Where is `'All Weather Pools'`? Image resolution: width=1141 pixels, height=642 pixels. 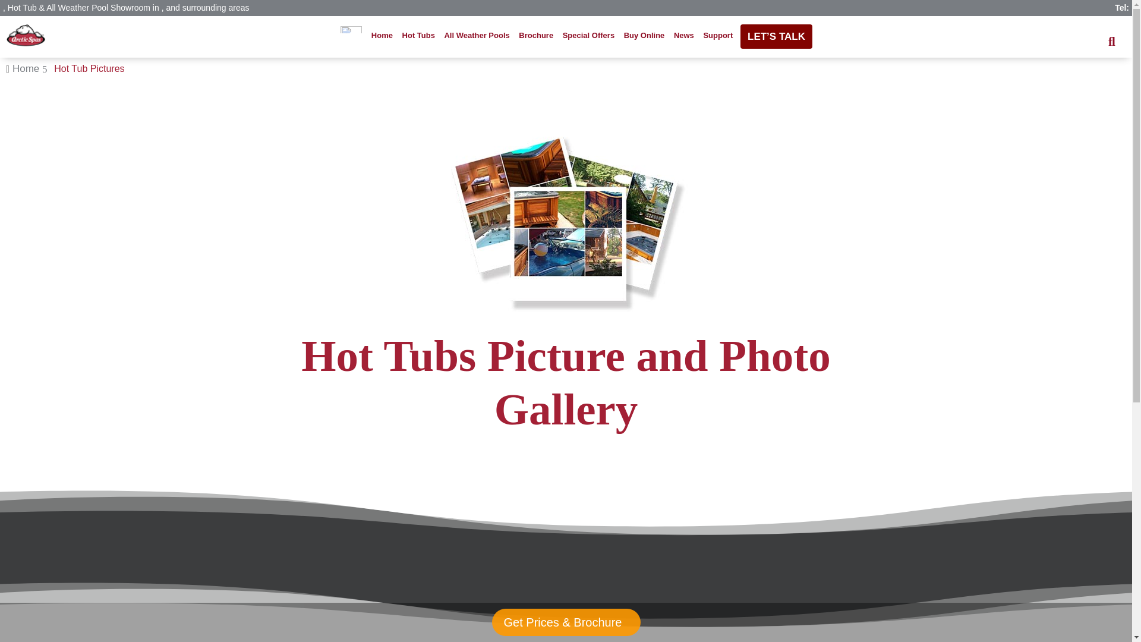 'All Weather Pools' is located at coordinates (477, 34).